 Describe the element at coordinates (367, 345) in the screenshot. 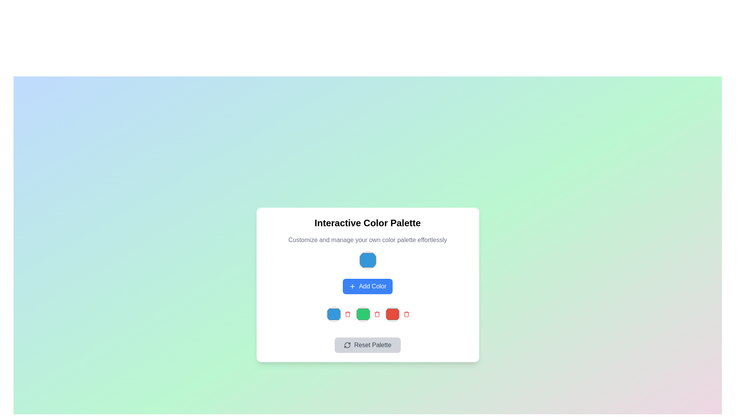

I see `the reset button with an embedded icon located at the bottom of the color palette card to revert the palette to its default state` at that location.